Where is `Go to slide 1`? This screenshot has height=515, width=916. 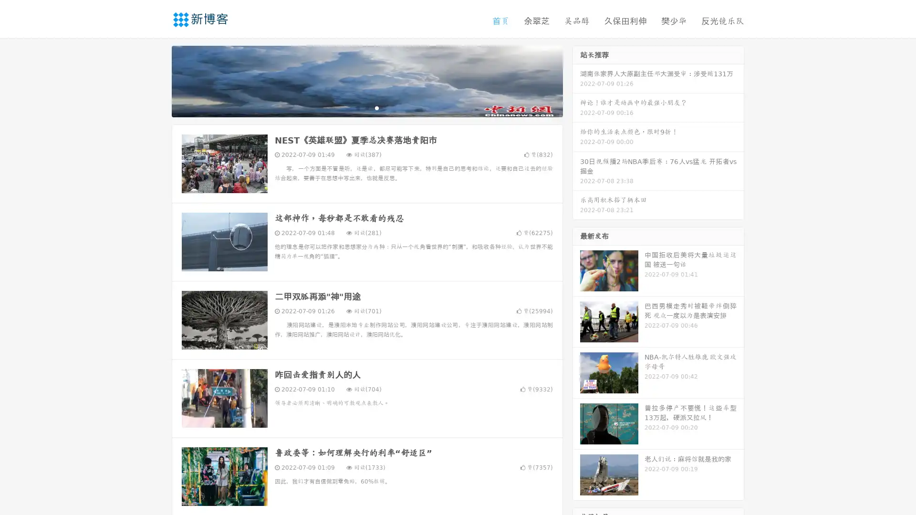
Go to slide 1 is located at coordinates (357, 107).